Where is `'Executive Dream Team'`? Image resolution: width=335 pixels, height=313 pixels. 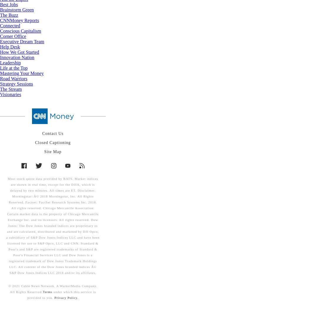 'Executive Dream Team' is located at coordinates (22, 41).